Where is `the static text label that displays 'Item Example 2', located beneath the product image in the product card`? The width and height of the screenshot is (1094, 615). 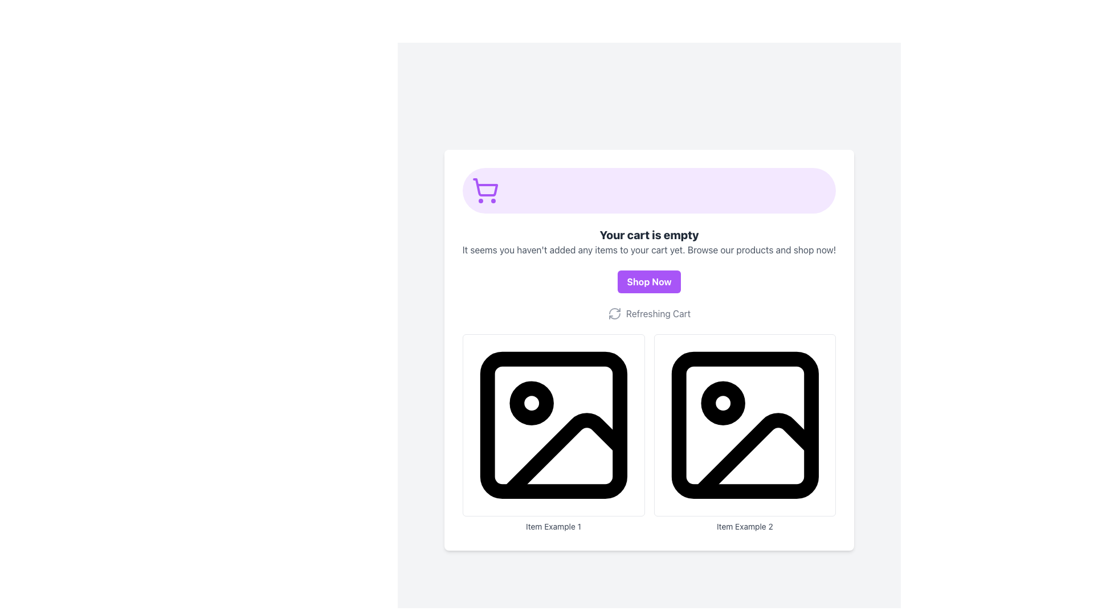 the static text label that displays 'Item Example 2', located beneath the product image in the product card is located at coordinates (745, 526).